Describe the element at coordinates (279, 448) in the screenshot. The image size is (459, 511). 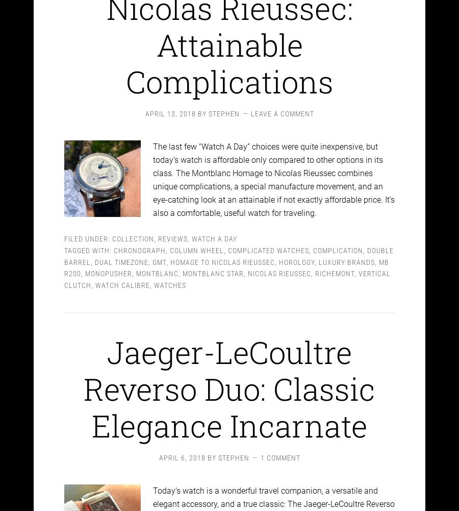
I see `'1 Comment'` at that location.